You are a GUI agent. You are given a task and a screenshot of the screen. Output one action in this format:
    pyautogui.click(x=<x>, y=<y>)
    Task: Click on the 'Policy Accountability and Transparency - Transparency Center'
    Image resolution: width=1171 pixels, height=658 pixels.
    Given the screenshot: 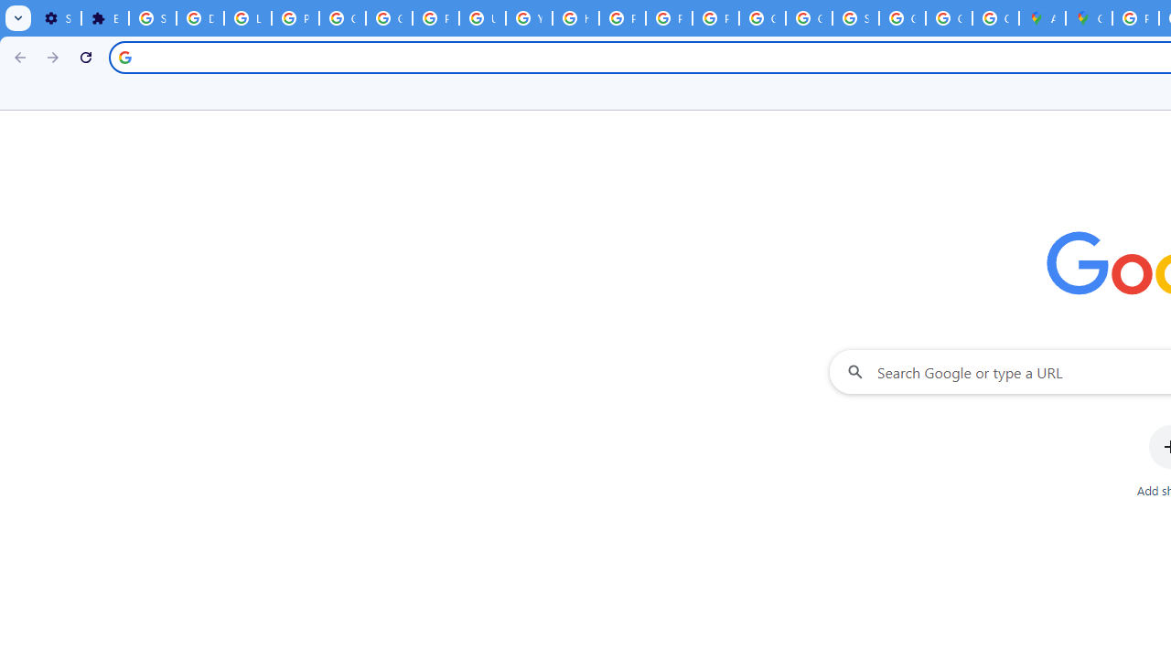 What is the action you would take?
    pyautogui.click(x=1134, y=18)
    